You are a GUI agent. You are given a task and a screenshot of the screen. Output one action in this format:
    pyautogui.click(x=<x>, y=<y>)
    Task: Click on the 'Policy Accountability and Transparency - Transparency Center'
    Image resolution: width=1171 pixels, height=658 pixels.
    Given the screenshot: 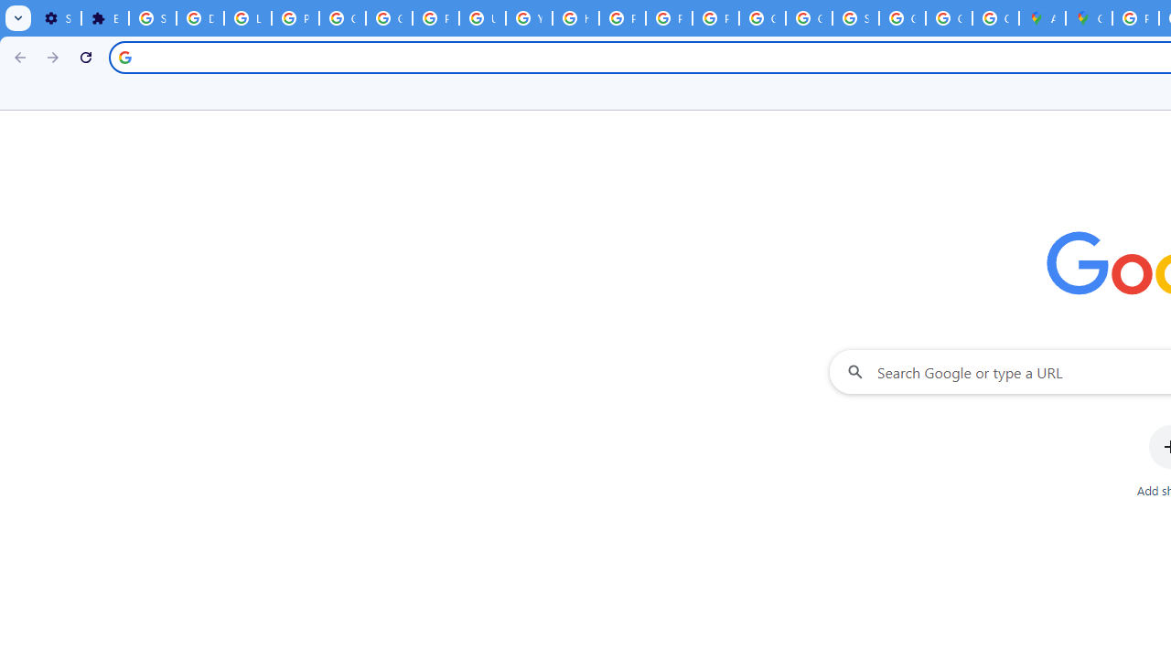 What is the action you would take?
    pyautogui.click(x=1134, y=18)
    